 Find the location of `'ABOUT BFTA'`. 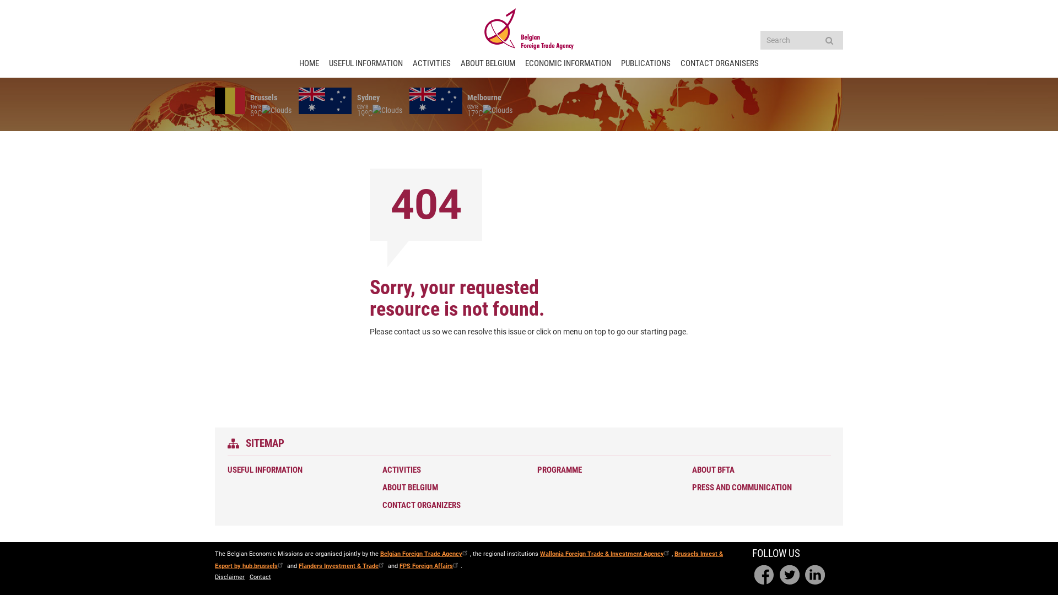

'ABOUT BFTA' is located at coordinates (758, 470).